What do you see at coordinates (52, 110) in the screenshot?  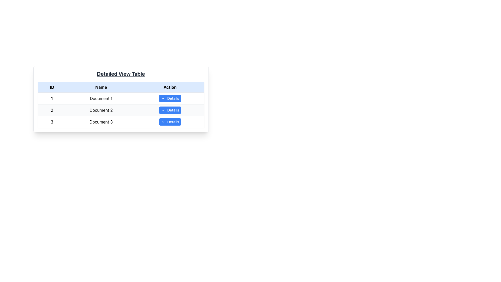 I see `the Text Cell displaying the identifier '2' in the first column of the second row of the data table` at bounding box center [52, 110].